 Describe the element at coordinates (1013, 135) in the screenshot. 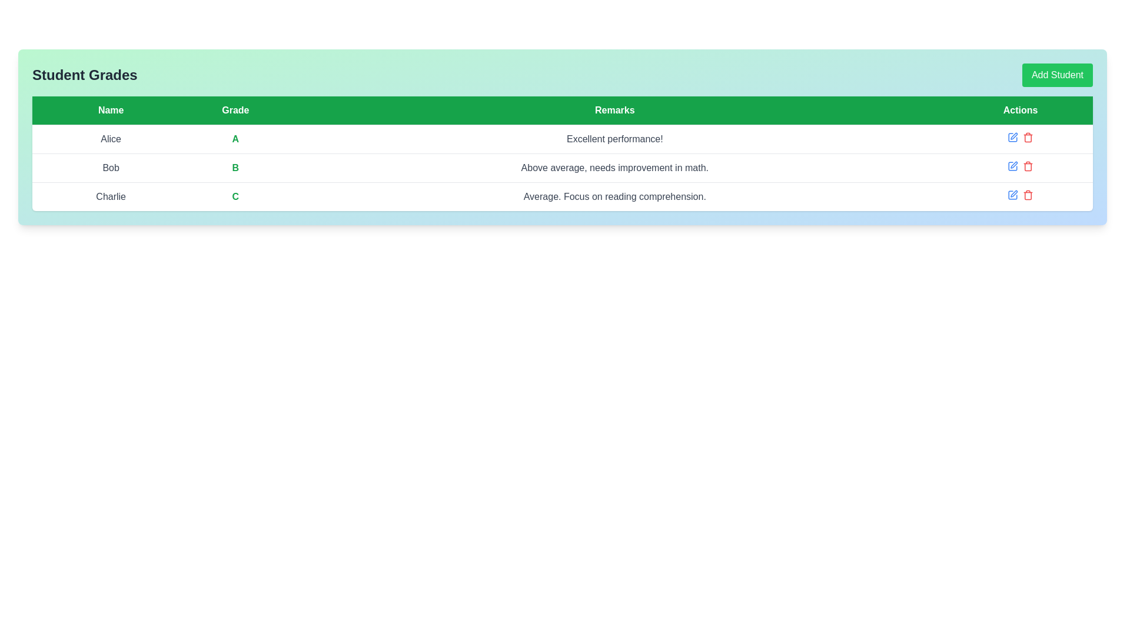

I see `the pen-shaped SVG icon in the 'Actions' column related to 'Alice' to initiate editing` at that location.